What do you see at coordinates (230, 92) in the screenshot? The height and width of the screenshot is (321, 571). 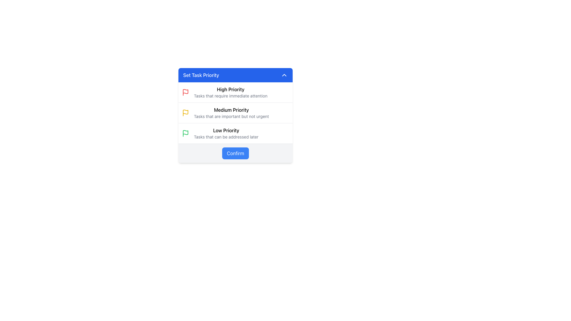 I see `text on the 'High Priority' label in the 'Set Task Priority' modal, which includes the bold text 'High Priority' and the subordinate description 'Tasks that require immediate attention.'` at bounding box center [230, 92].